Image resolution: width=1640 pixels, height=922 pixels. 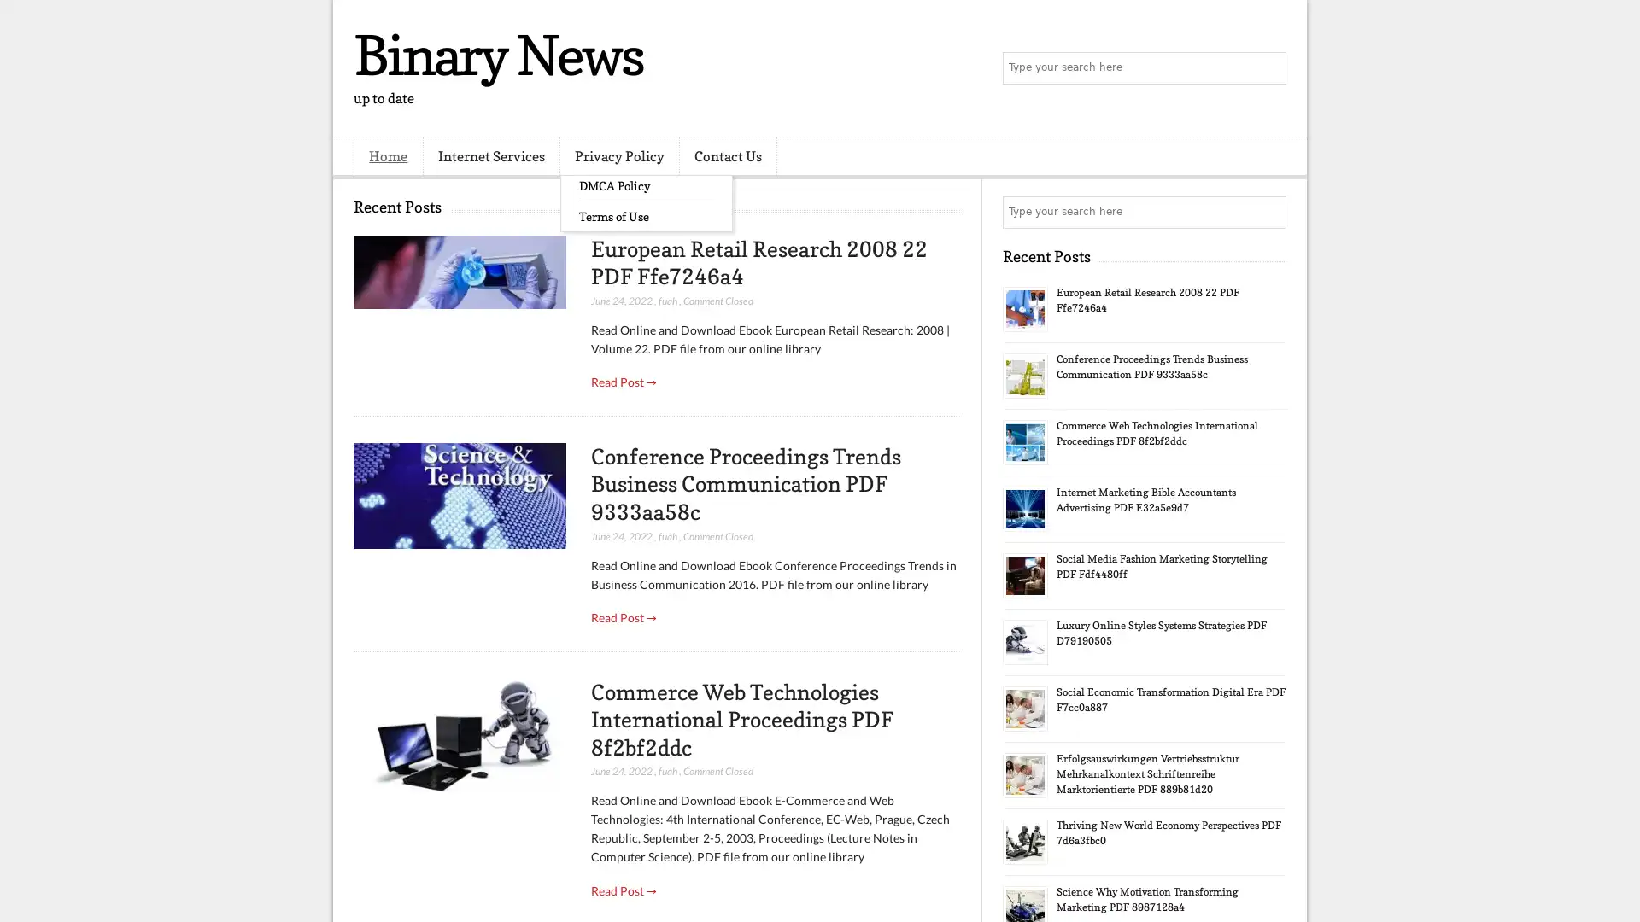 What do you see at coordinates (1268, 68) in the screenshot?
I see `Search` at bounding box center [1268, 68].